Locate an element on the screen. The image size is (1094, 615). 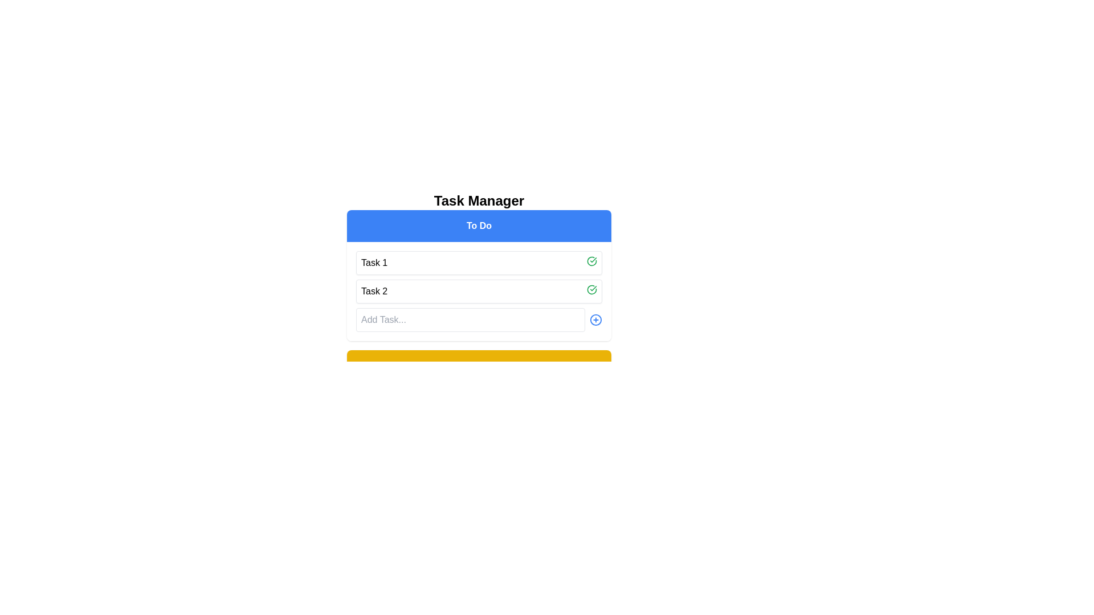
the quick action button located to the right of the input field with placeholder text 'Add Task...' is located at coordinates (595, 320).